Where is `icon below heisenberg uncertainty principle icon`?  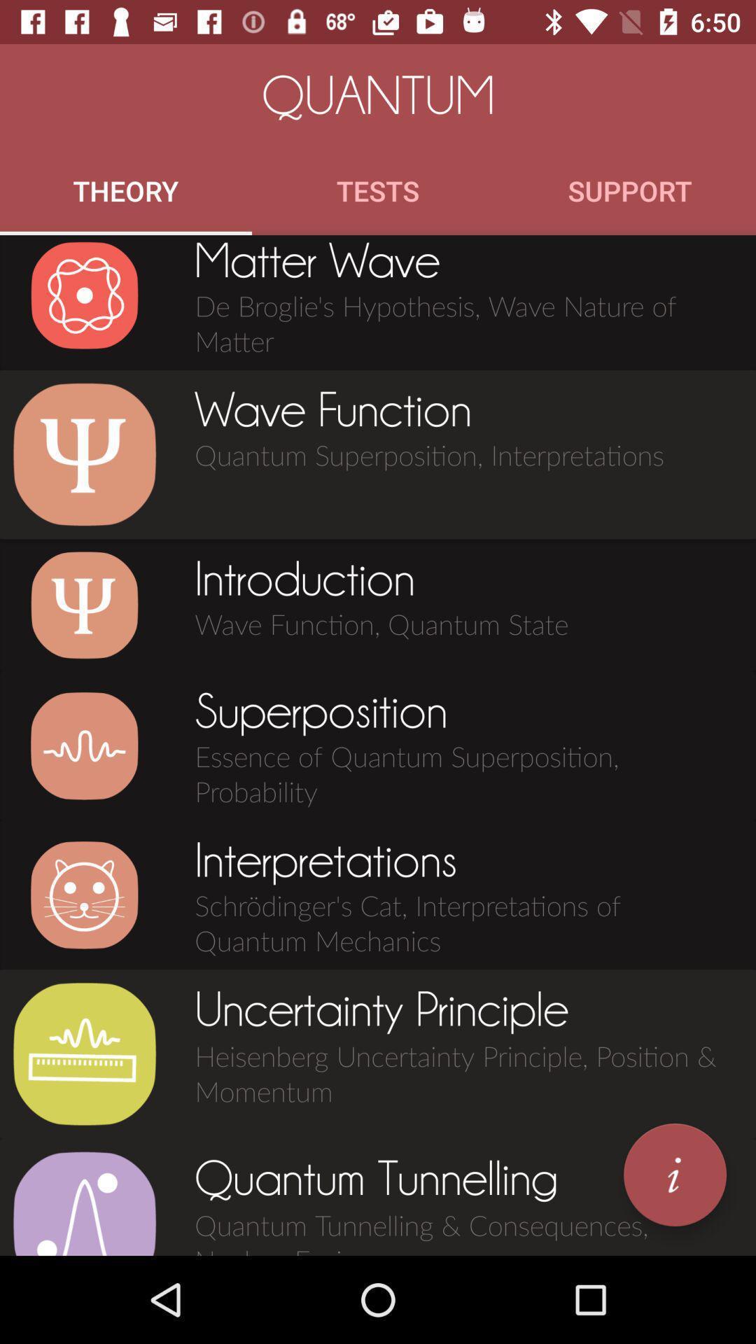 icon below heisenberg uncertainty principle icon is located at coordinates (674, 1175).